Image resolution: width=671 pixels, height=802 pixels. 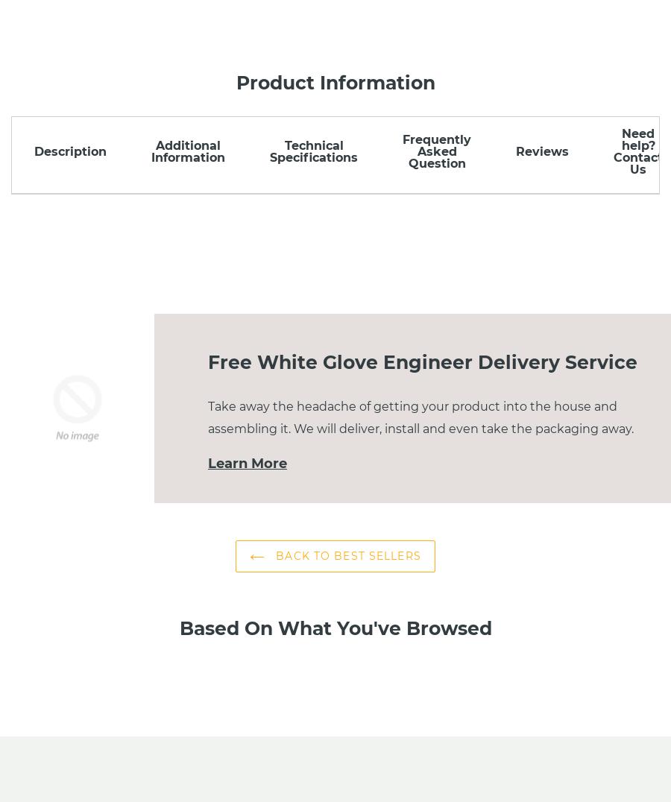 I want to click on 'Take away the headache of getting your product into the house and assembling it. We will deliver, install and even take the packaging away.', so click(x=420, y=417).